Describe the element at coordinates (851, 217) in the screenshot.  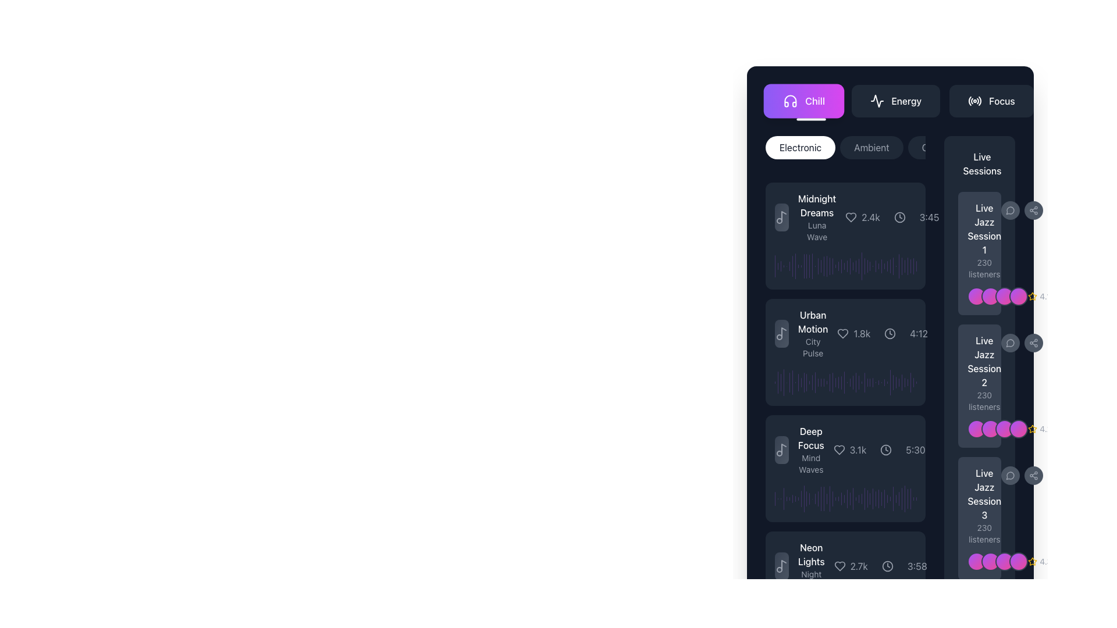
I see `the heart-shaped icon located beside and to the left of the text '2.4k' near the song 'Midnight Dreams'` at that location.